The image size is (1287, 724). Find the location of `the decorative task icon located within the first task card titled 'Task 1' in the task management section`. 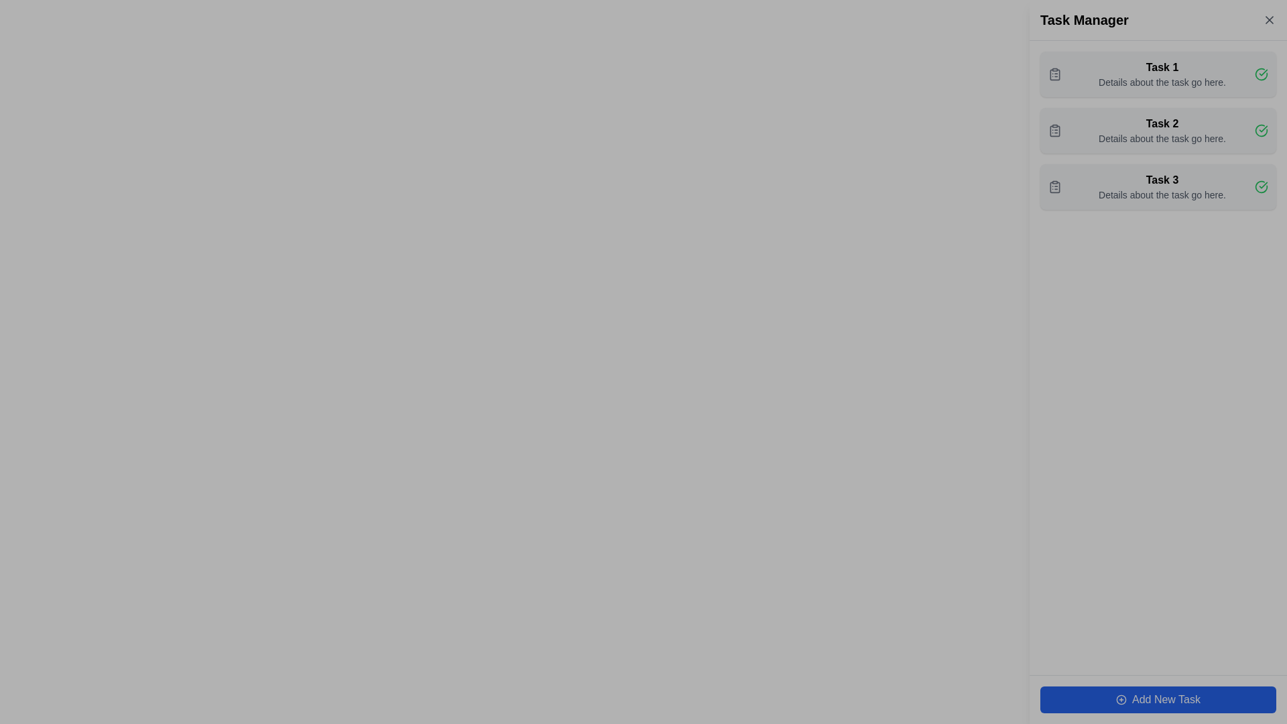

the decorative task icon located within the first task card titled 'Task 1' in the task management section is located at coordinates (1054, 74).